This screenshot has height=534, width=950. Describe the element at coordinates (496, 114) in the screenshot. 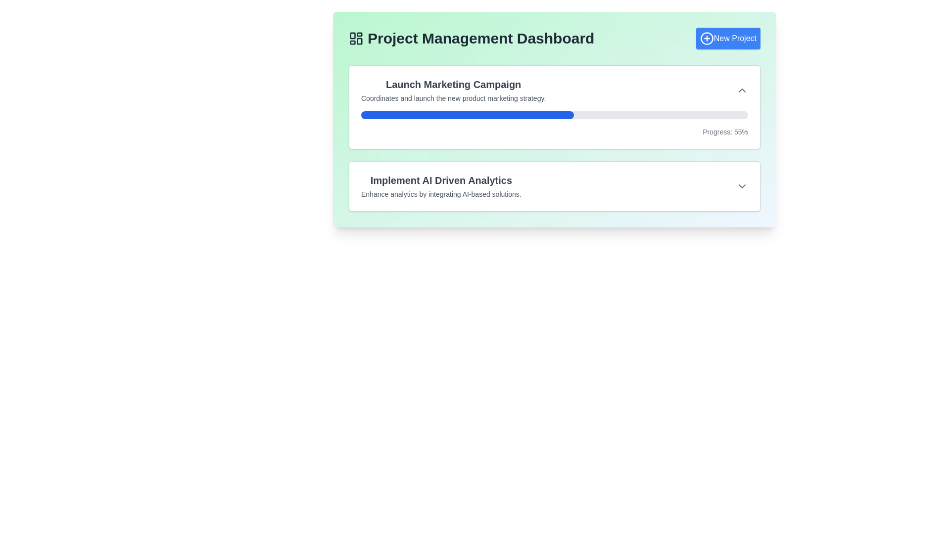

I see `progress` at that location.